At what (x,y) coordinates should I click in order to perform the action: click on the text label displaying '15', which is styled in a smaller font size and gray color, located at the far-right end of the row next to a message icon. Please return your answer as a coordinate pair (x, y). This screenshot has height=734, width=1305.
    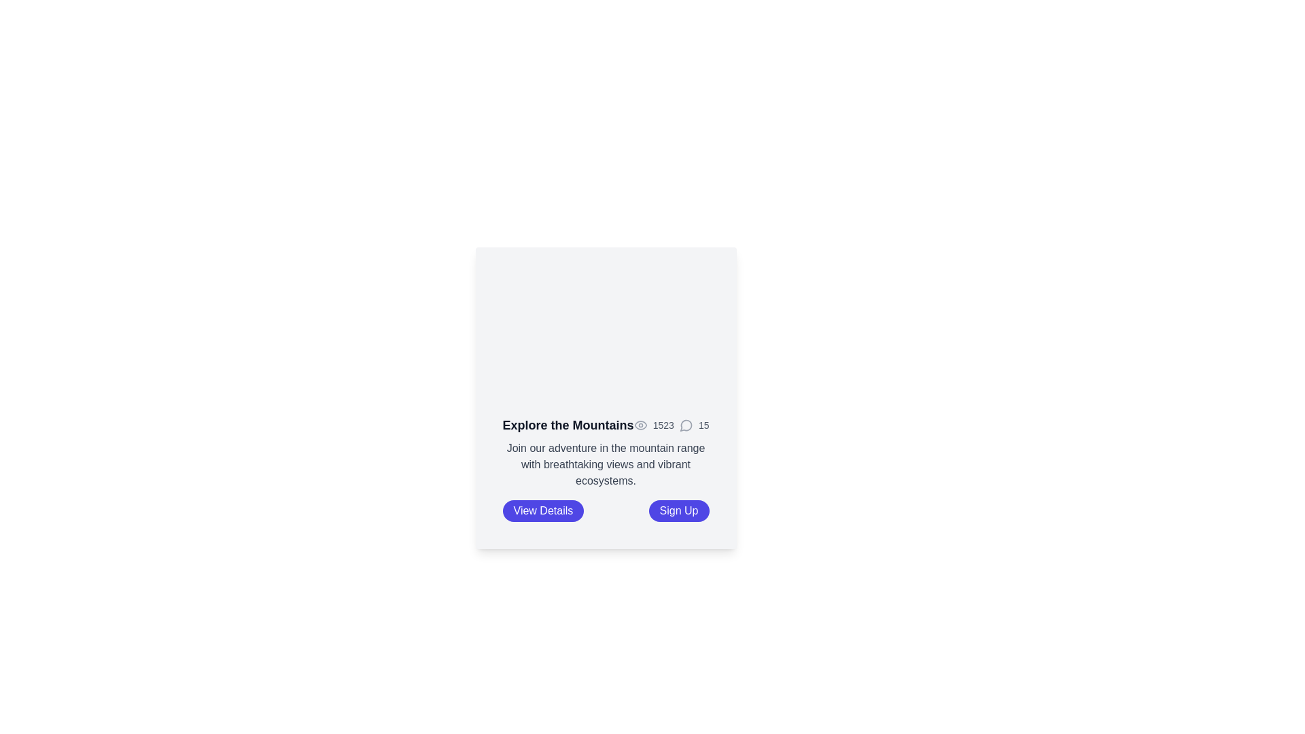
    Looking at the image, I should click on (703, 424).